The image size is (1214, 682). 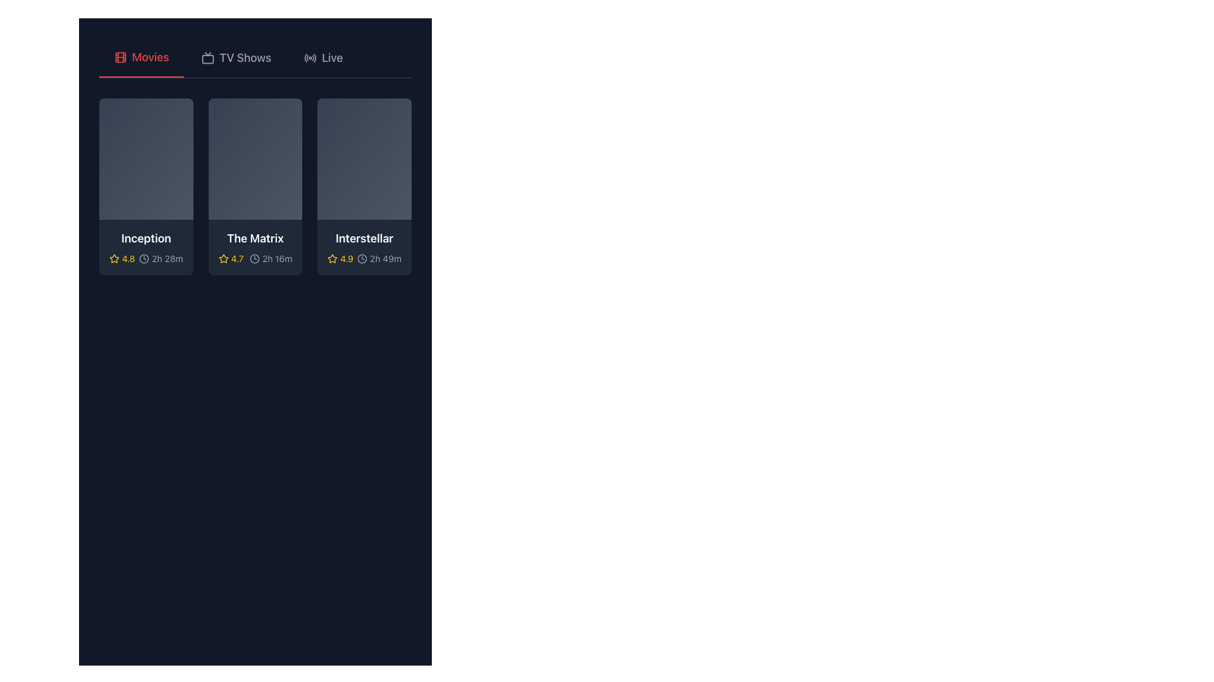 I want to click on the text label that displays the title of the movie, located centrally in the second column of a grid layout beneath the main navigation bar, so click(x=254, y=239).